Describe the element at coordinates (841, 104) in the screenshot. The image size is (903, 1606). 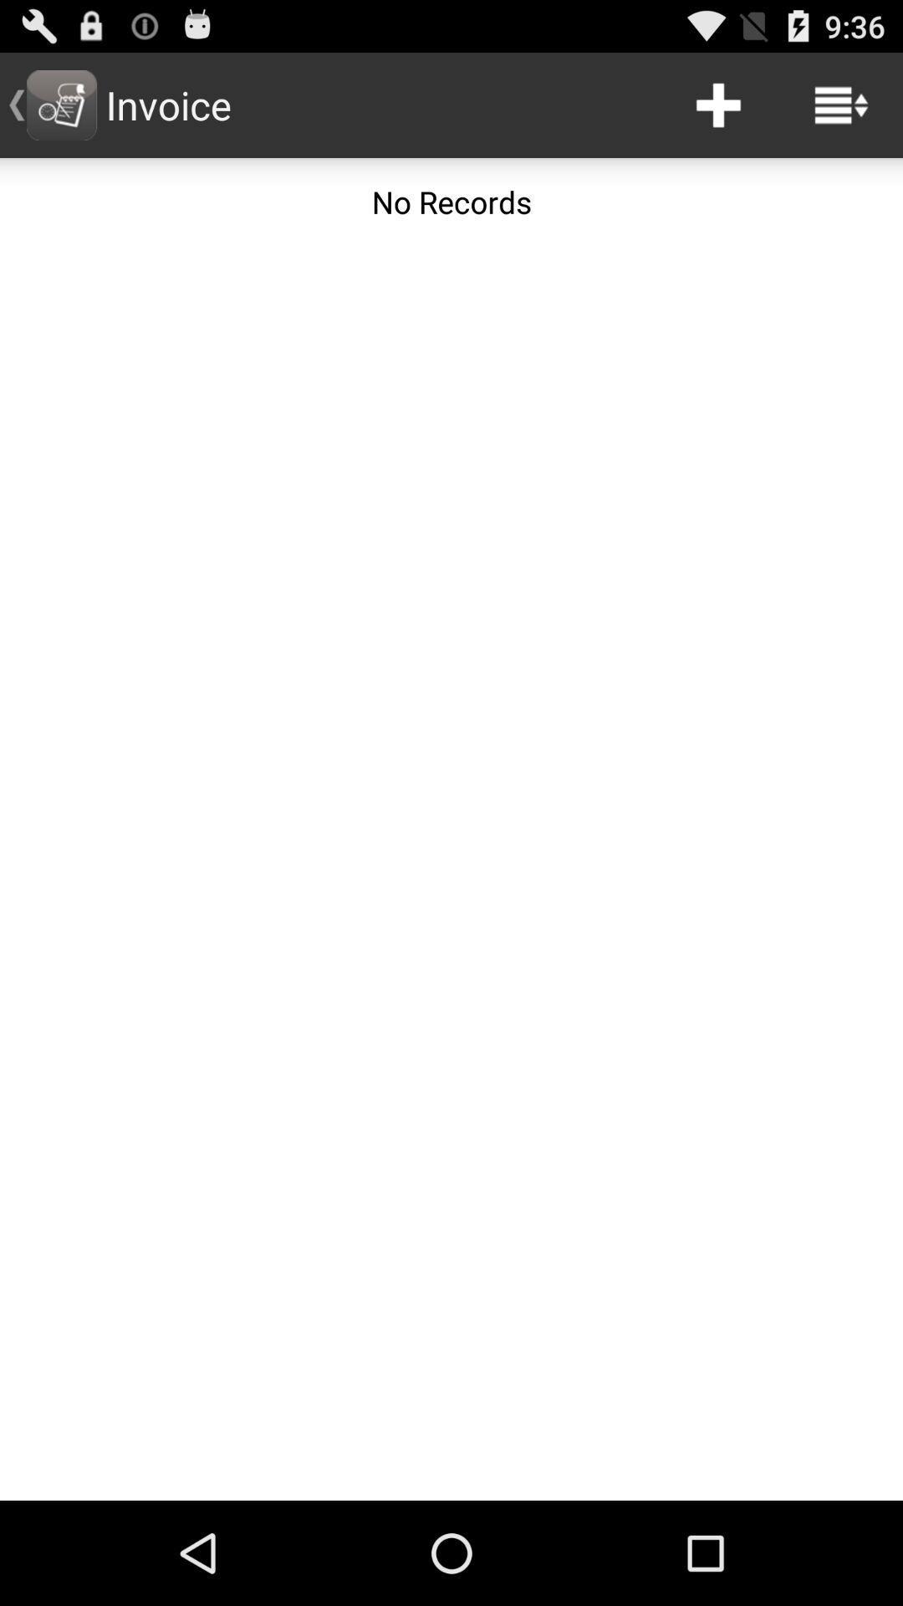
I see `icon above the no records icon` at that location.